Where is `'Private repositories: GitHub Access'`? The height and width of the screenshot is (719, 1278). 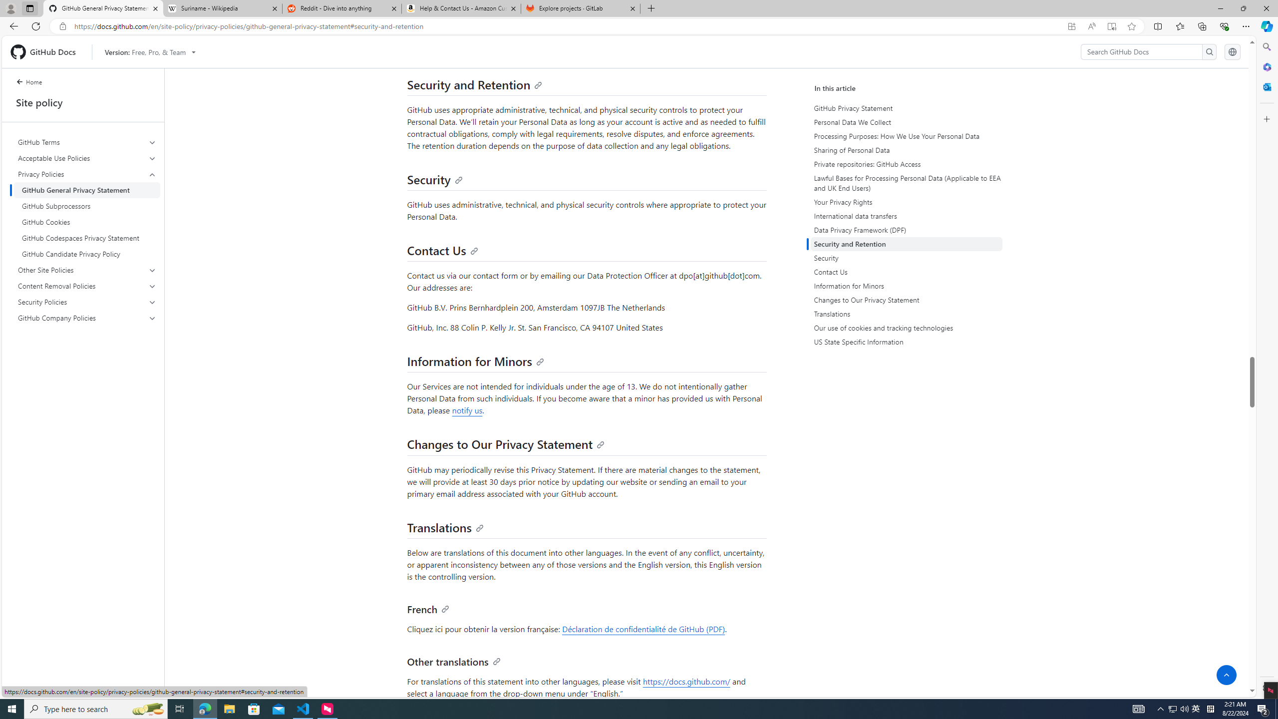
'Private repositories: GitHub Access' is located at coordinates (906, 164).